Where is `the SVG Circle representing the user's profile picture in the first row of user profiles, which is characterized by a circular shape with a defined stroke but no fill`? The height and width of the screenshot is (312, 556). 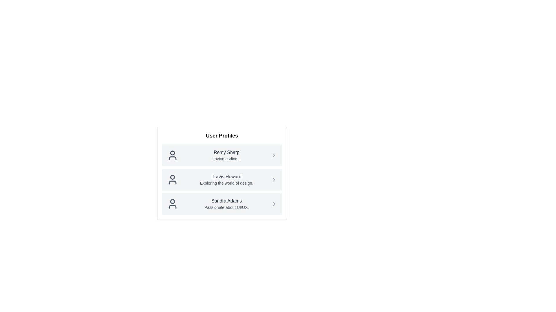
the SVG Circle representing the user's profile picture in the first row of user profiles, which is characterized by a circular shape with a defined stroke but no fill is located at coordinates (172, 153).